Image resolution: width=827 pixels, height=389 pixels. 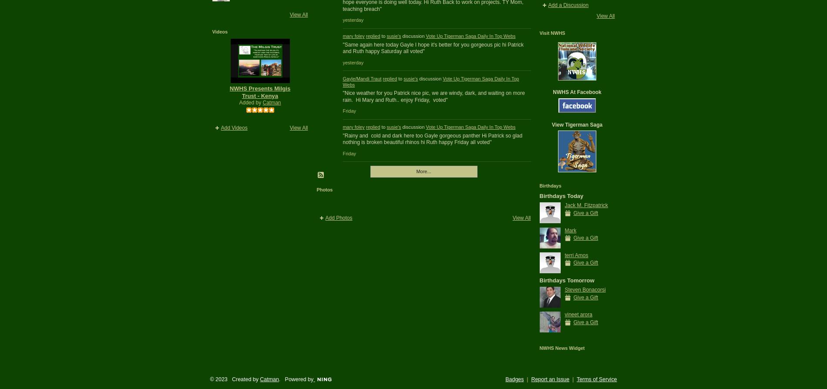 What do you see at coordinates (538, 196) in the screenshot?
I see `'Birthdays Today'` at bounding box center [538, 196].